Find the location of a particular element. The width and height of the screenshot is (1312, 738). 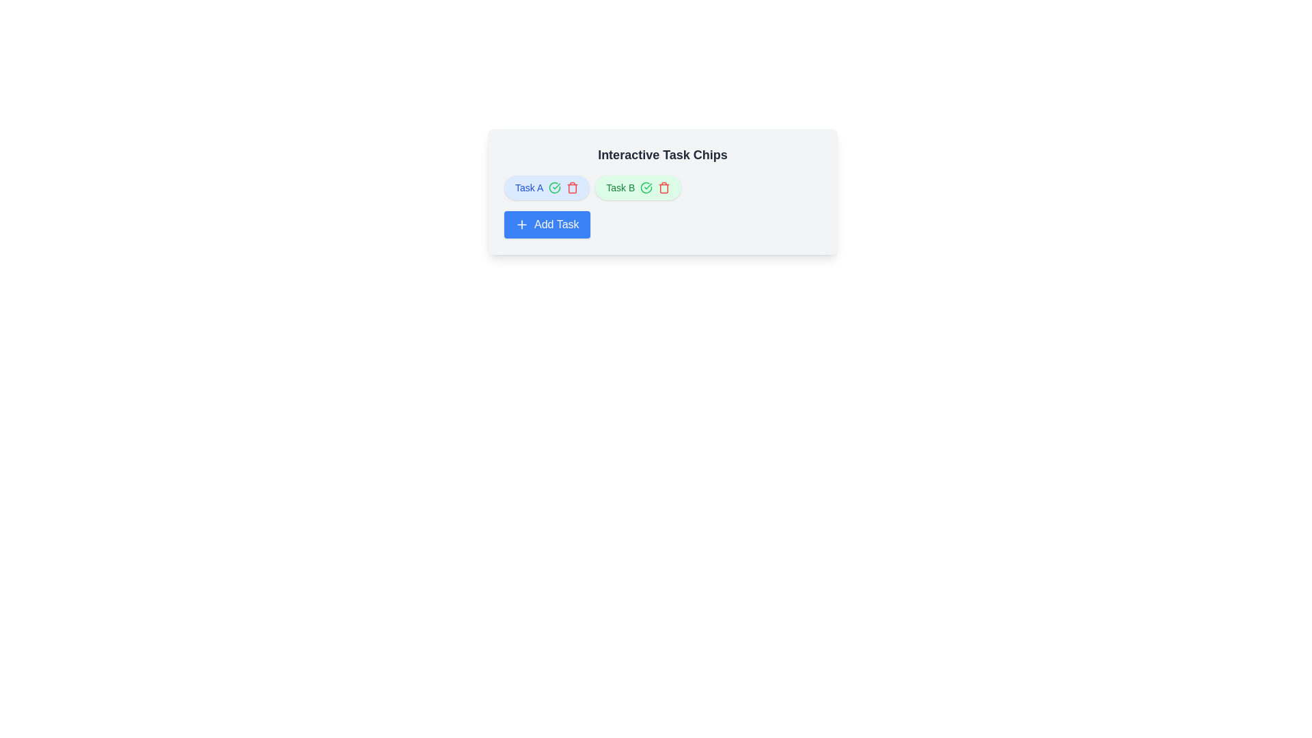

the delete icon located to the right of the check mark icon within the 'Task A' chip is located at coordinates (573, 187).